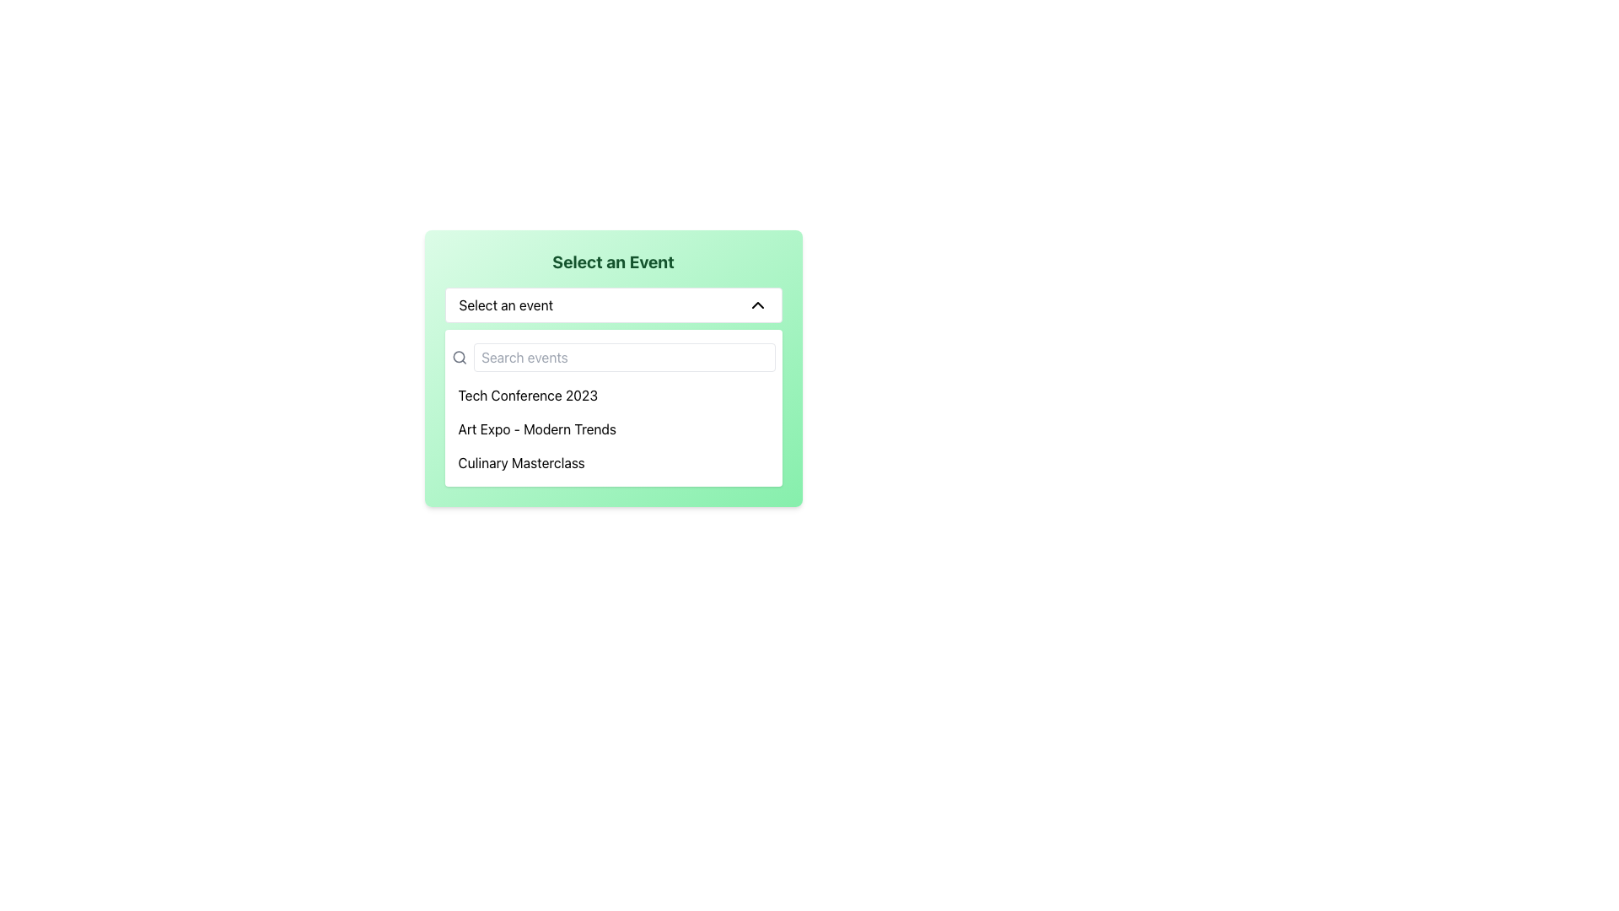 This screenshot has width=1619, height=911. Describe the element at coordinates (459, 357) in the screenshot. I see `the search icon located to the left of the text input field with placeholder text 'Search events'` at that location.